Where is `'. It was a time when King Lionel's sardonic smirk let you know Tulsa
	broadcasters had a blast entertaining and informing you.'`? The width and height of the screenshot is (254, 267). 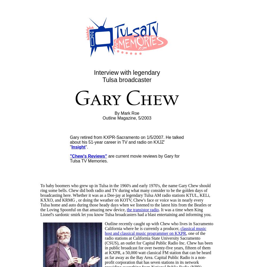 '. It was a time when King Lionel's sardonic smirk let you know Tulsa
	broadcasters had a blast entertaining and informing you.' is located at coordinates (40, 212).